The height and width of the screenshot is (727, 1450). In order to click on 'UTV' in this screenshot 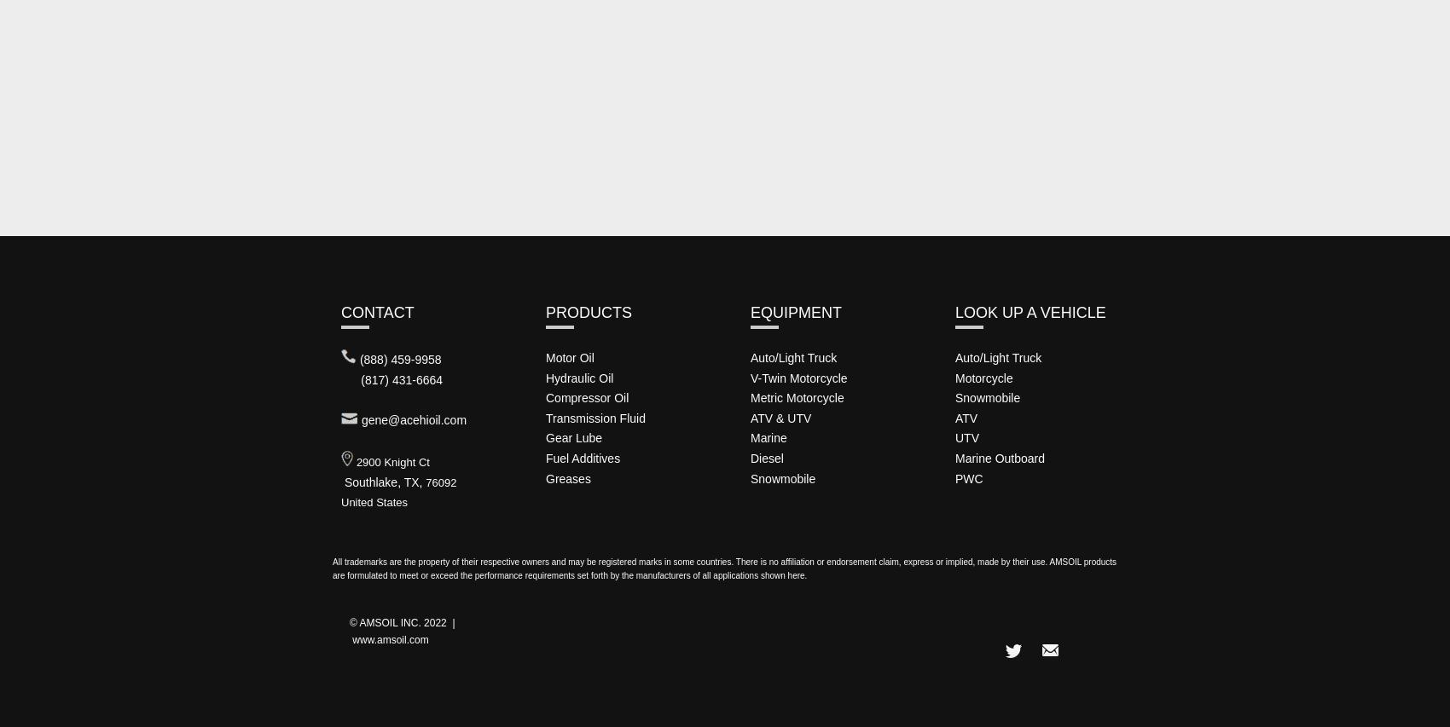, I will do `click(967, 438)`.